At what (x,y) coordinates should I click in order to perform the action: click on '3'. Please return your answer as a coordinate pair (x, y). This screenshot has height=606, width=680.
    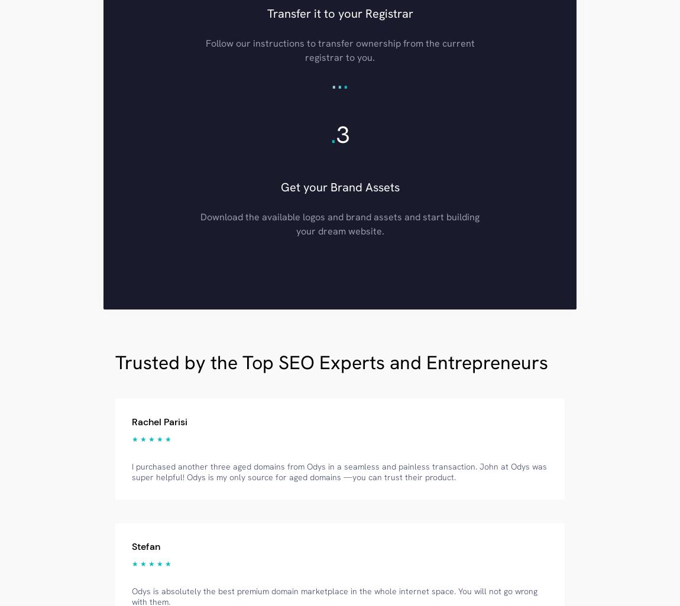
    Looking at the image, I should click on (342, 133).